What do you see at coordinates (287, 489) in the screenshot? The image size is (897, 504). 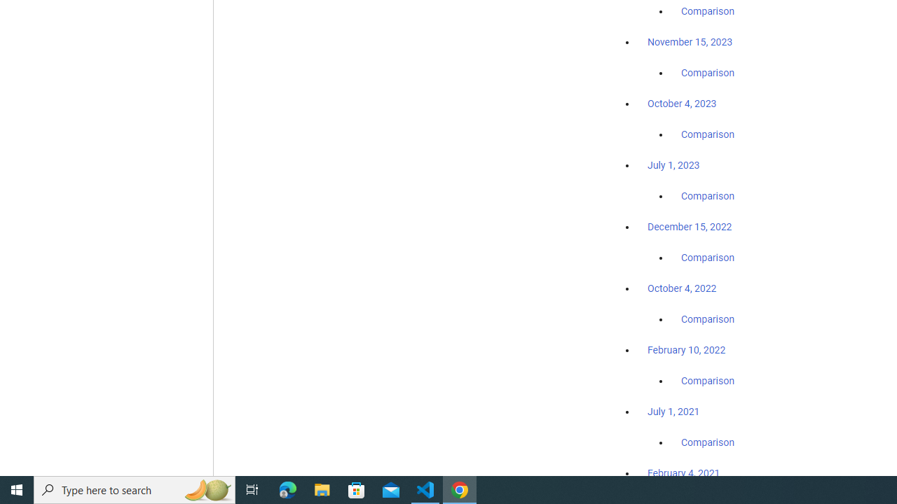 I see `'Microsoft Edge'` at bounding box center [287, 489].